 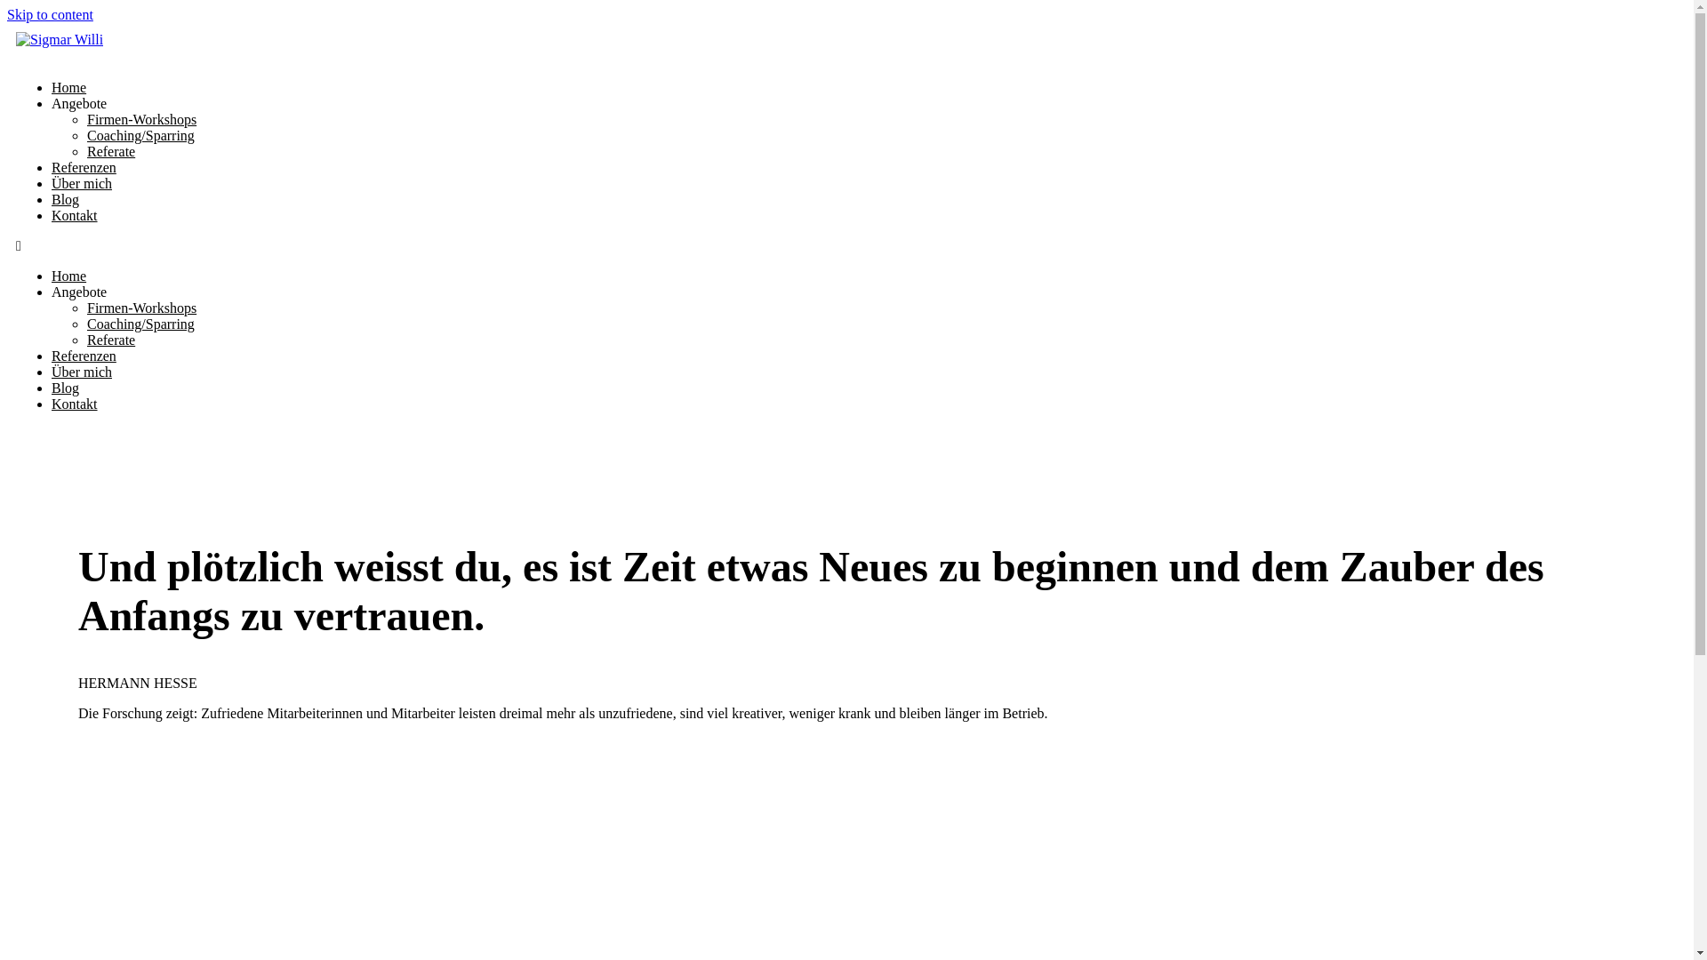 I want to click on 'Referate', so click(x=85, y=340).